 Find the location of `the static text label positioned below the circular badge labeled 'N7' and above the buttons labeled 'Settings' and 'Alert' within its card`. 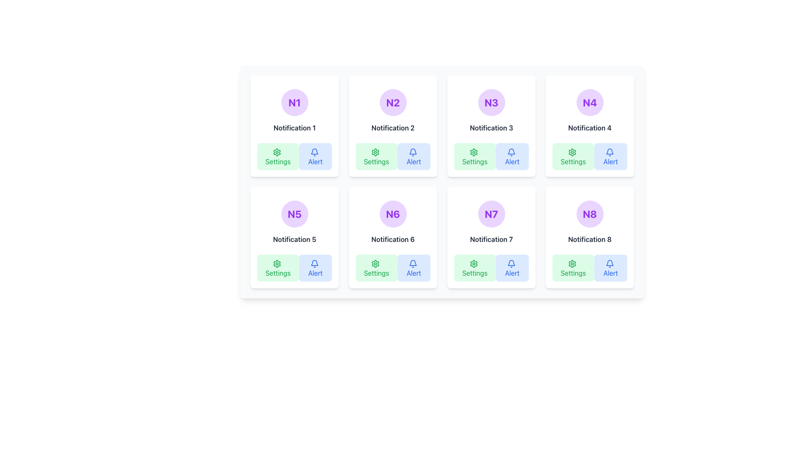

the static text label positioned below the circular badge labeled 'N7' and above the buttons labeled 'Settings' and 'Alert' within its card is located at coordinates (491, 239).